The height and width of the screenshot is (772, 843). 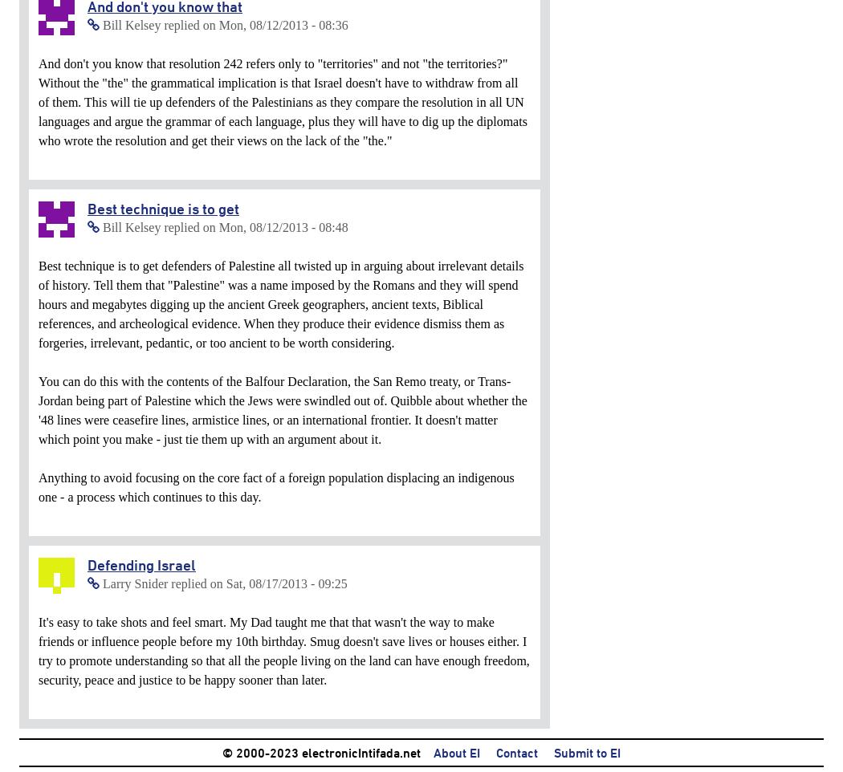 What do you see at coordinates (321, 753) in the screenshot?
I see `'© 2000-2023 electronicIntifada.net'` at bounding box center [321, 753].